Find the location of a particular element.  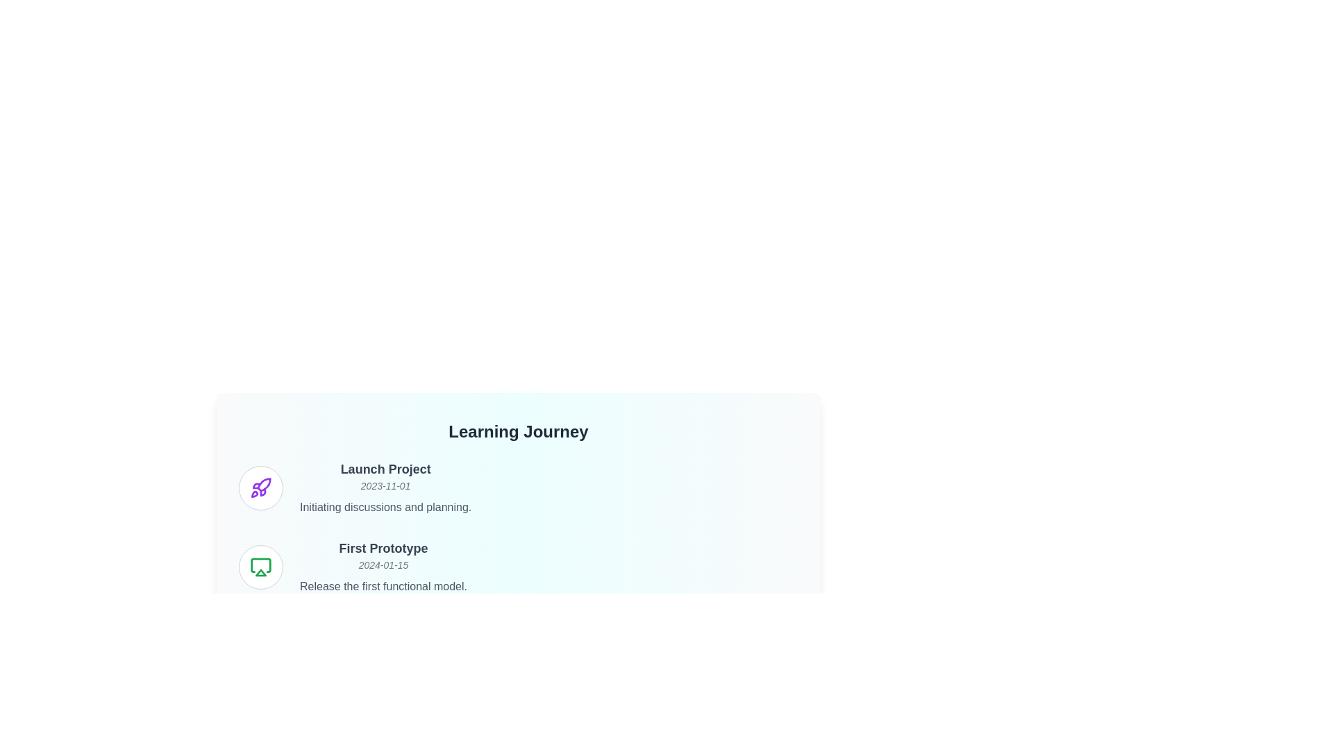

details of the 'First Prototype' phase item in the timeline, which includes the title, date, and description is located at coordinates (518, 567).